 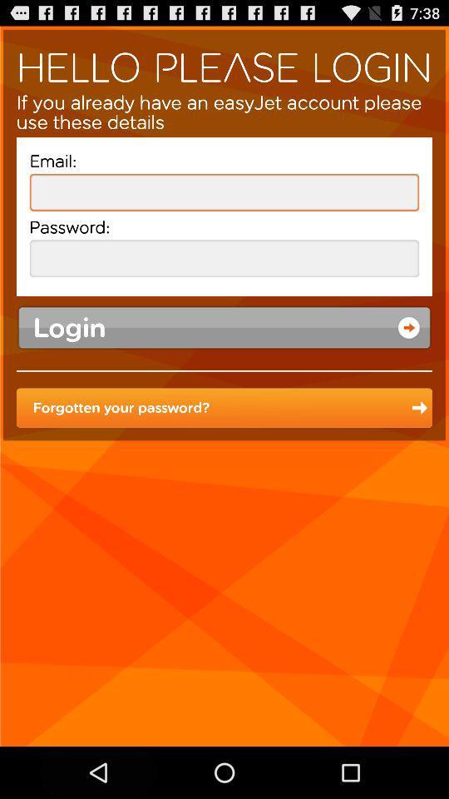 I want to click on password, so click(x=224, y=258).